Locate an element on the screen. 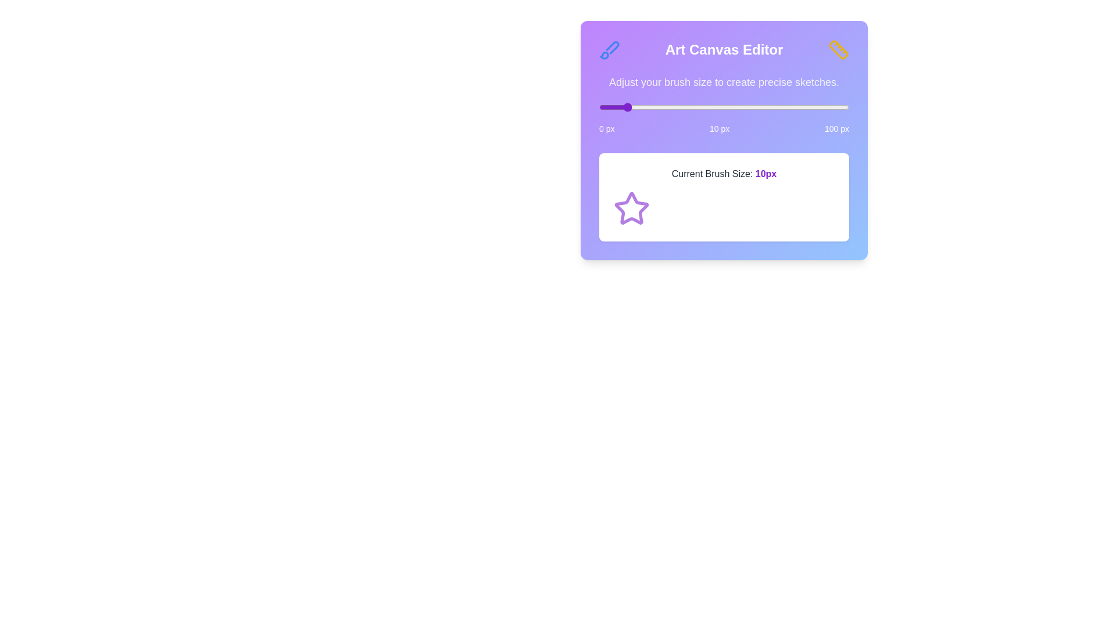  the Ruler icon to interact with it is located at coordinates (839, 49).